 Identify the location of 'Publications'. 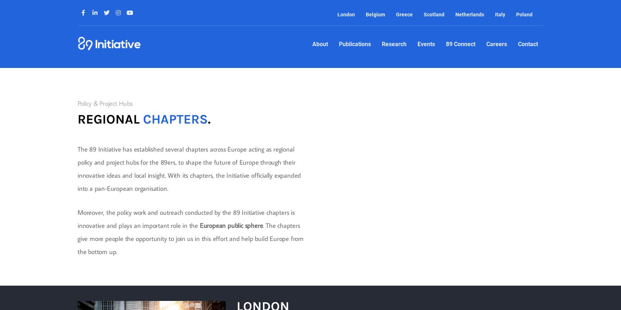
(354, 44).